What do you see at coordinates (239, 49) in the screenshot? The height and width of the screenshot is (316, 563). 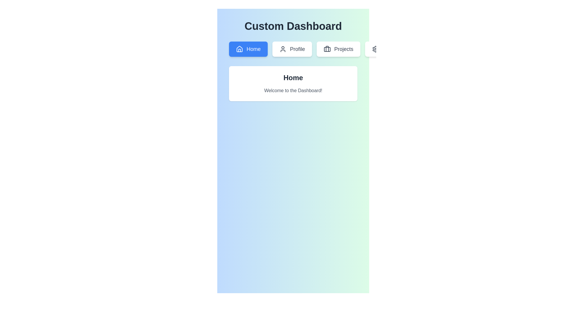 I see `the 'Home' icon located in the navigation bar, which is the first element from the left` at bounding box center [239, 49].